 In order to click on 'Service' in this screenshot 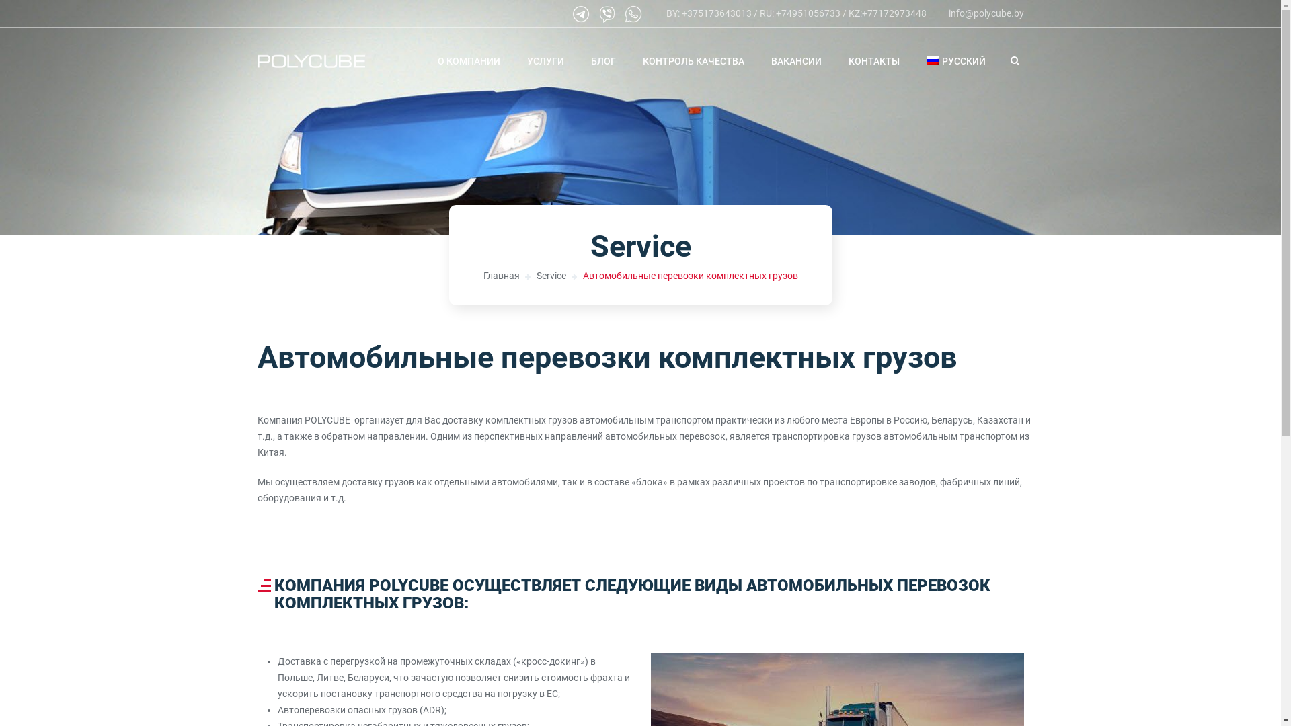, I will do `click(551, 274)`.